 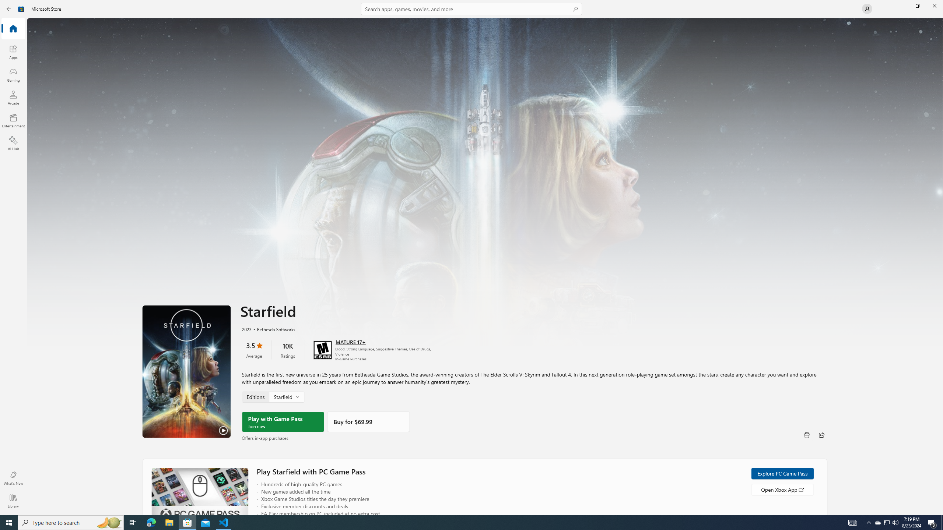 I want to click on 'Arcade', so click(x=13, y=97).